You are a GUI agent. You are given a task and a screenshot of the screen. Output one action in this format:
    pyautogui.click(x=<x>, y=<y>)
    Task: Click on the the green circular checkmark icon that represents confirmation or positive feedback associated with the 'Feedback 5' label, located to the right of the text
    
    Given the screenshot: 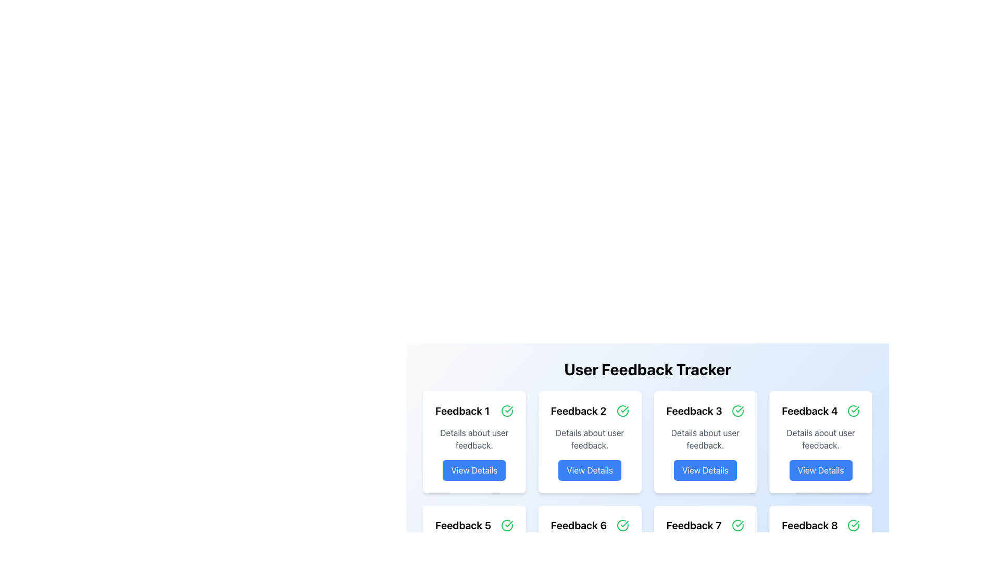 What is the action you would take?
    pyautogui.click(x=507, y=526)
    